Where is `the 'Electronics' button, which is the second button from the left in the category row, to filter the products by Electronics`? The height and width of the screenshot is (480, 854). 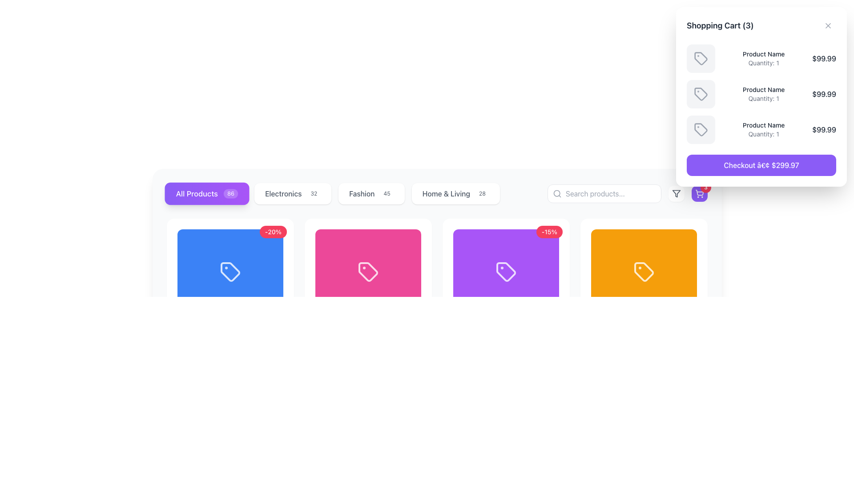 the 'Electronics' button, which is the second button from the left in the category row, to filter the products by Electronics is located at coordinates (293, 193).